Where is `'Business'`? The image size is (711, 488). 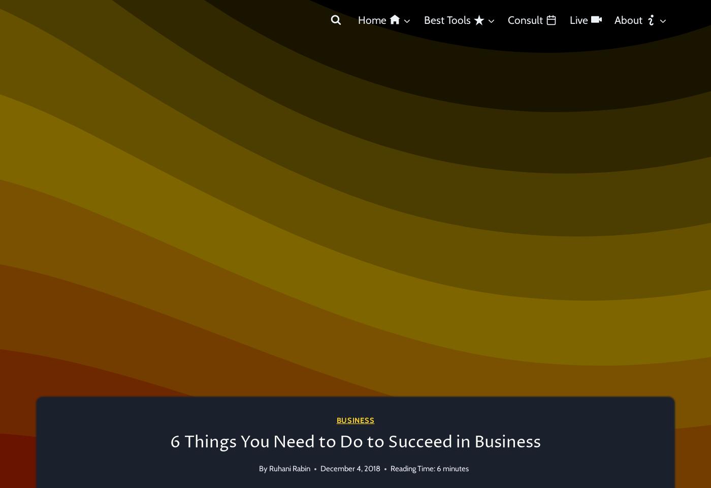 'Business' is located at coordinates (355, 420).